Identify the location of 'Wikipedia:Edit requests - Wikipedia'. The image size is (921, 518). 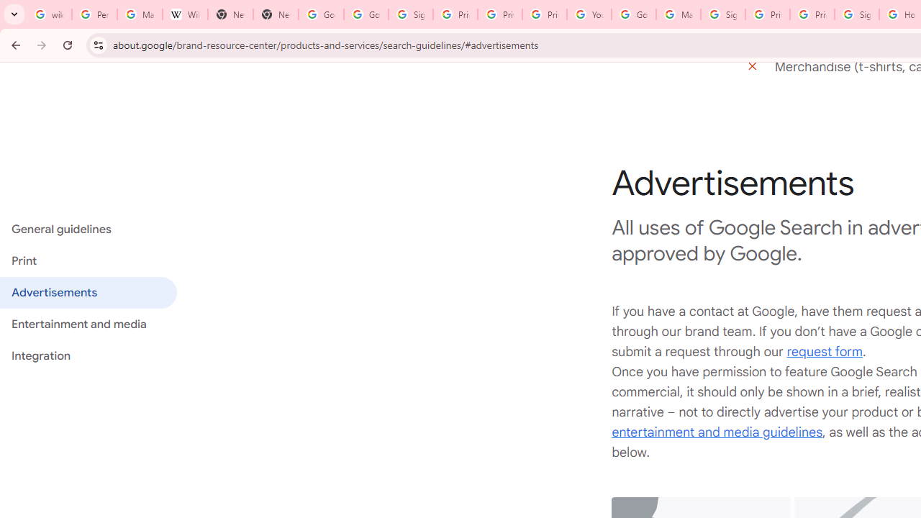
(184, 14).